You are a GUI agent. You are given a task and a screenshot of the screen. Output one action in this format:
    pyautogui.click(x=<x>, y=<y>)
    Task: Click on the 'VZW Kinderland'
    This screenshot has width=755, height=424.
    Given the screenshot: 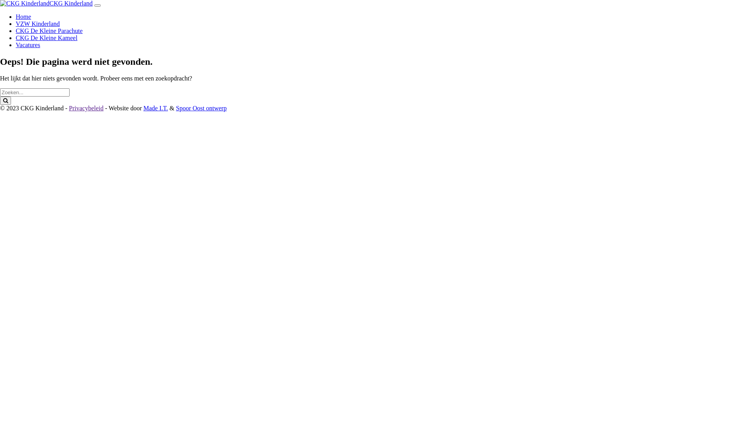 What is the action you would take?
    pyautogui.click(x=37, y=23)
    